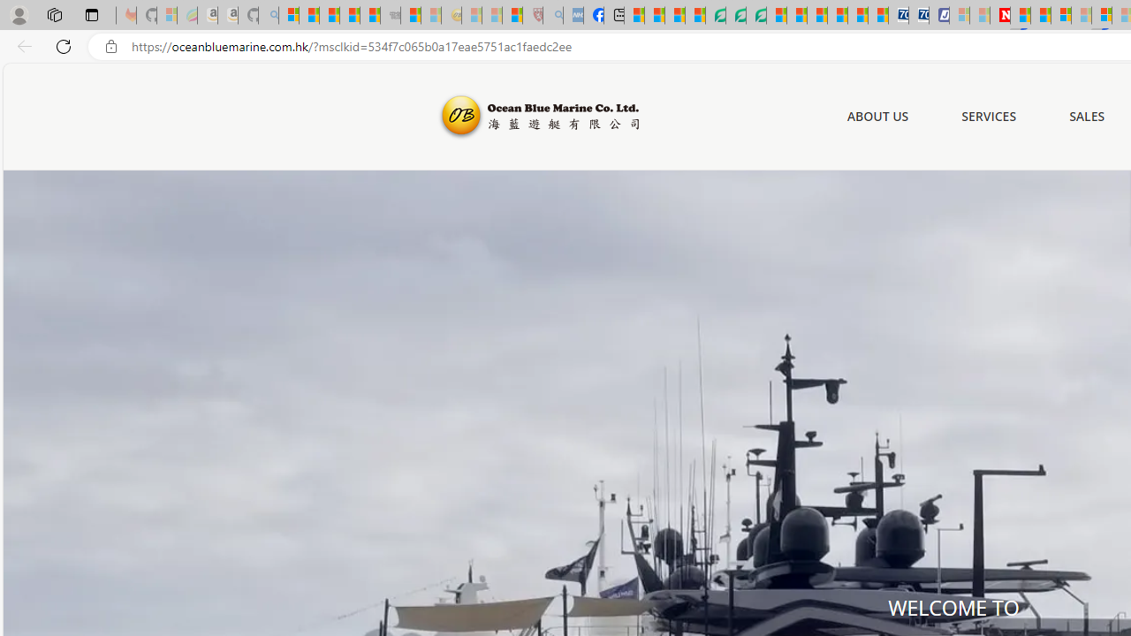 This screenshot has width=1131, height=636. What do you see at coordinates (877, 117) in the screenshot?
I see `'ABOUT US'` at bounding box center [877, 117].